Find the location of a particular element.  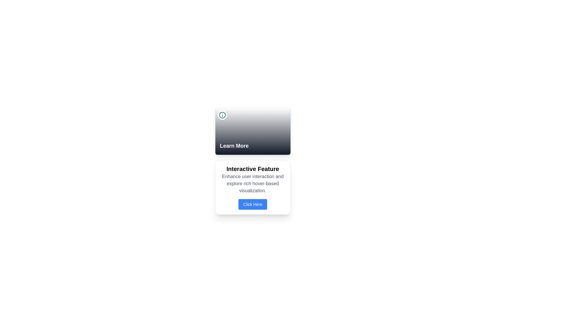

the circular icon with a teal border and an info symbol at its center, located in the top-left corner of the dark gradient-styled card is located at coordinates (222, 115).